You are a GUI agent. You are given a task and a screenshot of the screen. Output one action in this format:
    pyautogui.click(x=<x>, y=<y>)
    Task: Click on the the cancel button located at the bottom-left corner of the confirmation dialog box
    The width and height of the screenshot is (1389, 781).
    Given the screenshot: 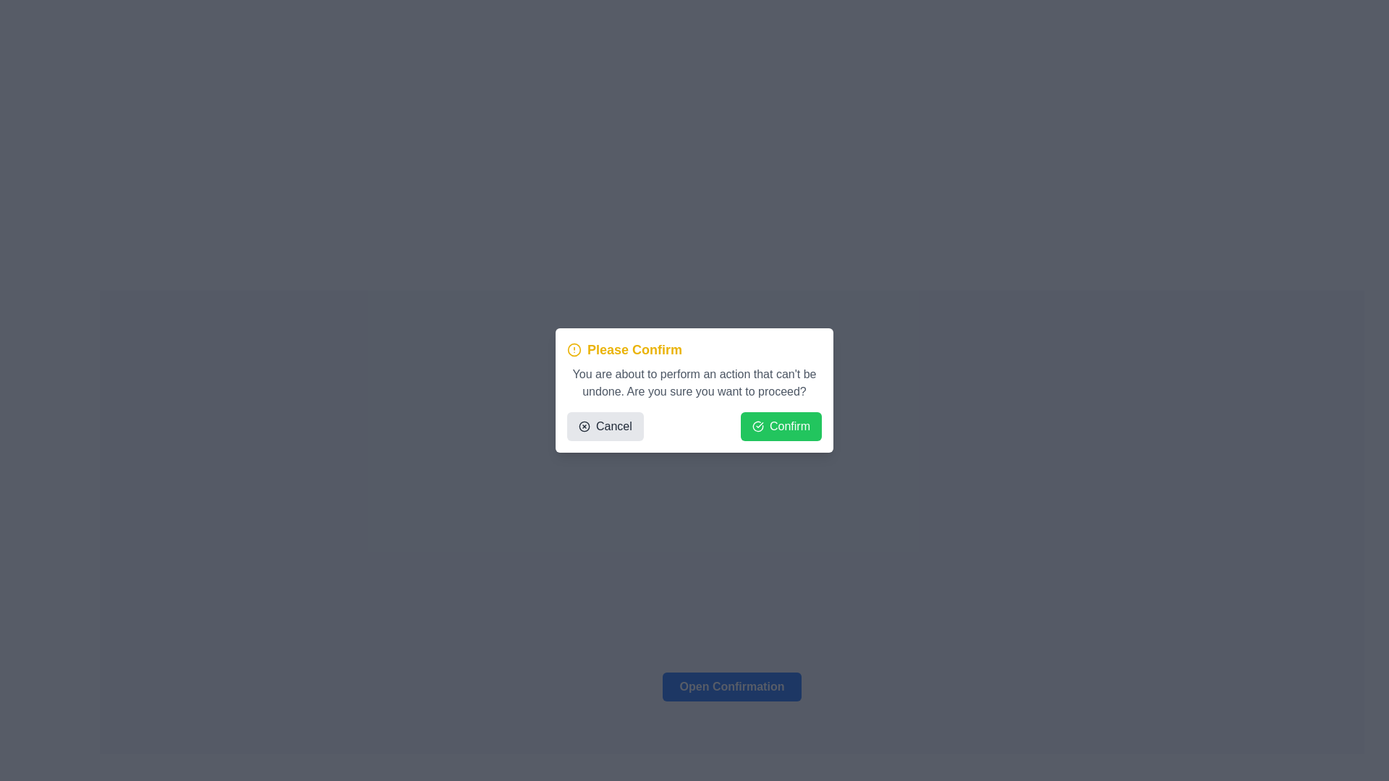 What is the action you would take?
    pyautogui.click(x=605, y=426)
    